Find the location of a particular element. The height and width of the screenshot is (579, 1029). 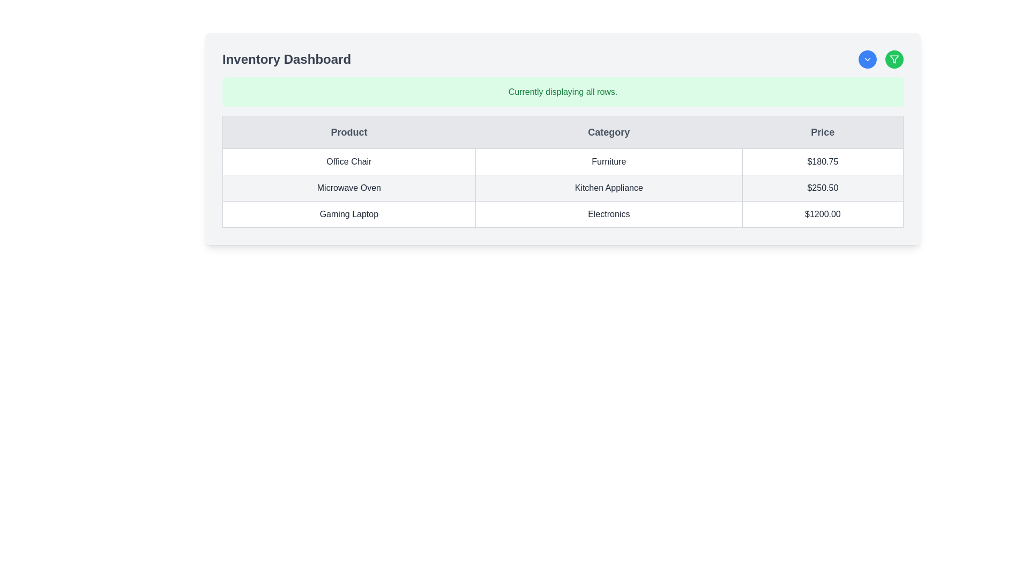

the filter Icon button located at the top-right corner of the interface is located at coordinates (894, 60).